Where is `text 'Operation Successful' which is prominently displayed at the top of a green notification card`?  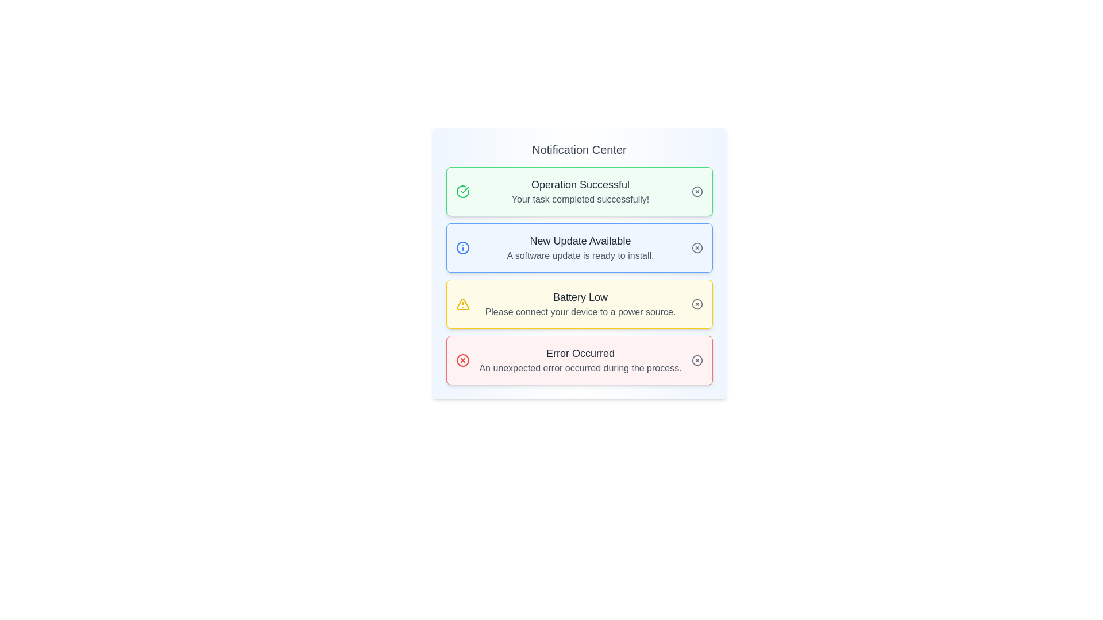
text 'Operation Successful' which is prominently displayed at the top of a green notification card is located at coordinates (580, 184).